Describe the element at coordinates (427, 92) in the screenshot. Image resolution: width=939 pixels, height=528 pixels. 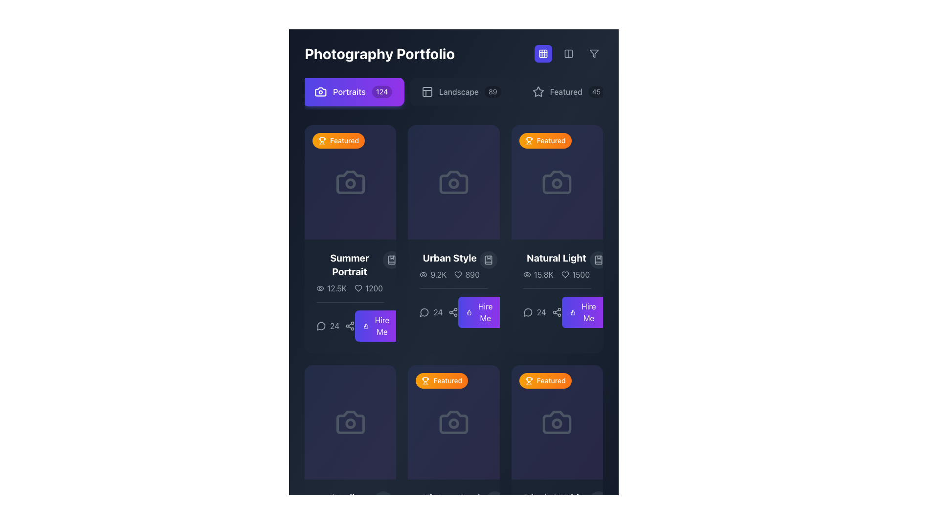
I see `the small monochrome grid layout icon located within the 'Landscape 89' button in the navigation bar, situated to the left of the text 'Landscape' and the counter '89'` at that location.